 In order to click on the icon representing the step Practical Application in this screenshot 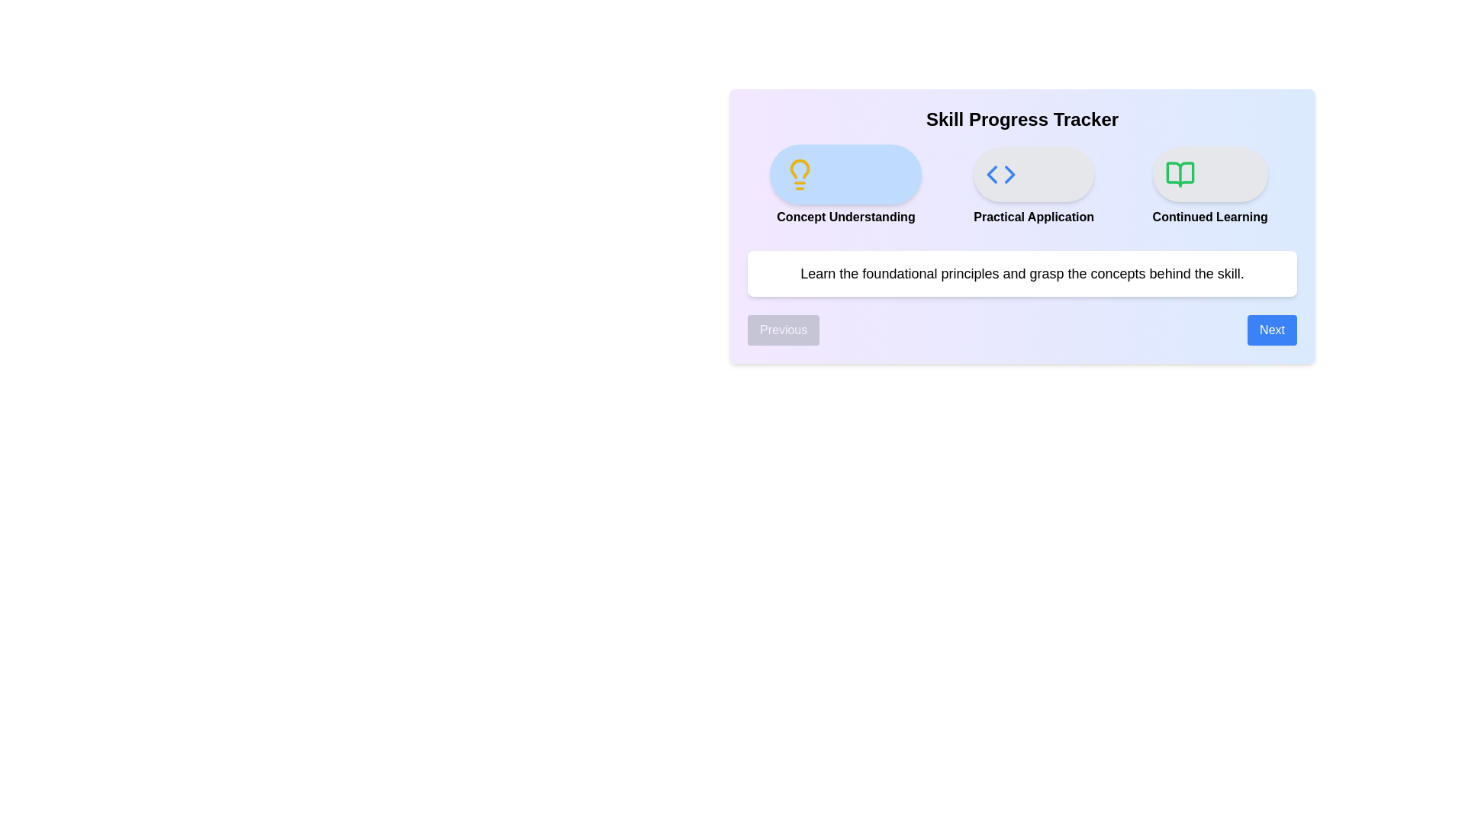, I will do `click(1034, 173)`.